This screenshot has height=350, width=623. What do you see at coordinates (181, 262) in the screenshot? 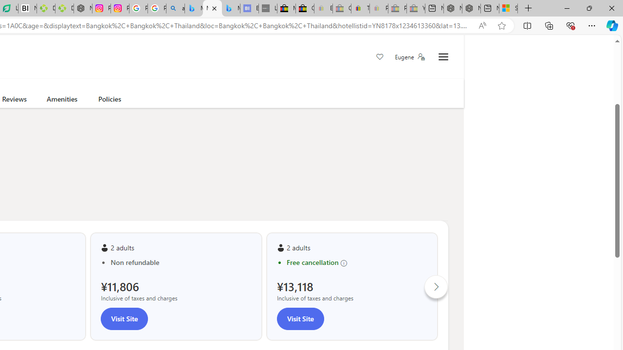
I see `'Non refundable'` at bounding box center [181, 262].